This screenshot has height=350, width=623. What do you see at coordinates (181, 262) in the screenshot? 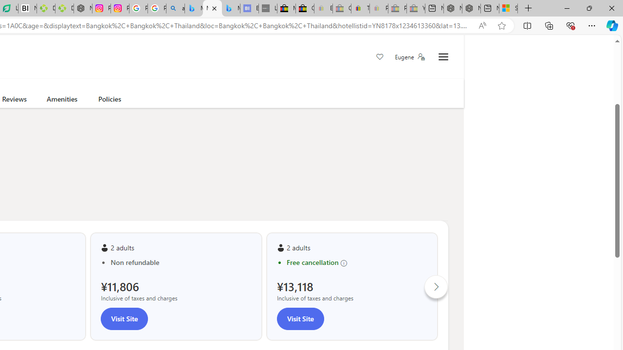
I see `'Non refundable'` at bounding box center [181, 262].